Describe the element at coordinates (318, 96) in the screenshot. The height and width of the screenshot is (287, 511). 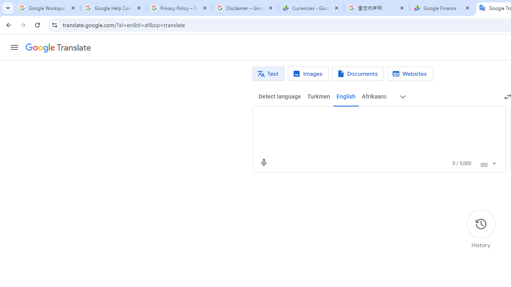
I see `'Turkmen'` at that location.